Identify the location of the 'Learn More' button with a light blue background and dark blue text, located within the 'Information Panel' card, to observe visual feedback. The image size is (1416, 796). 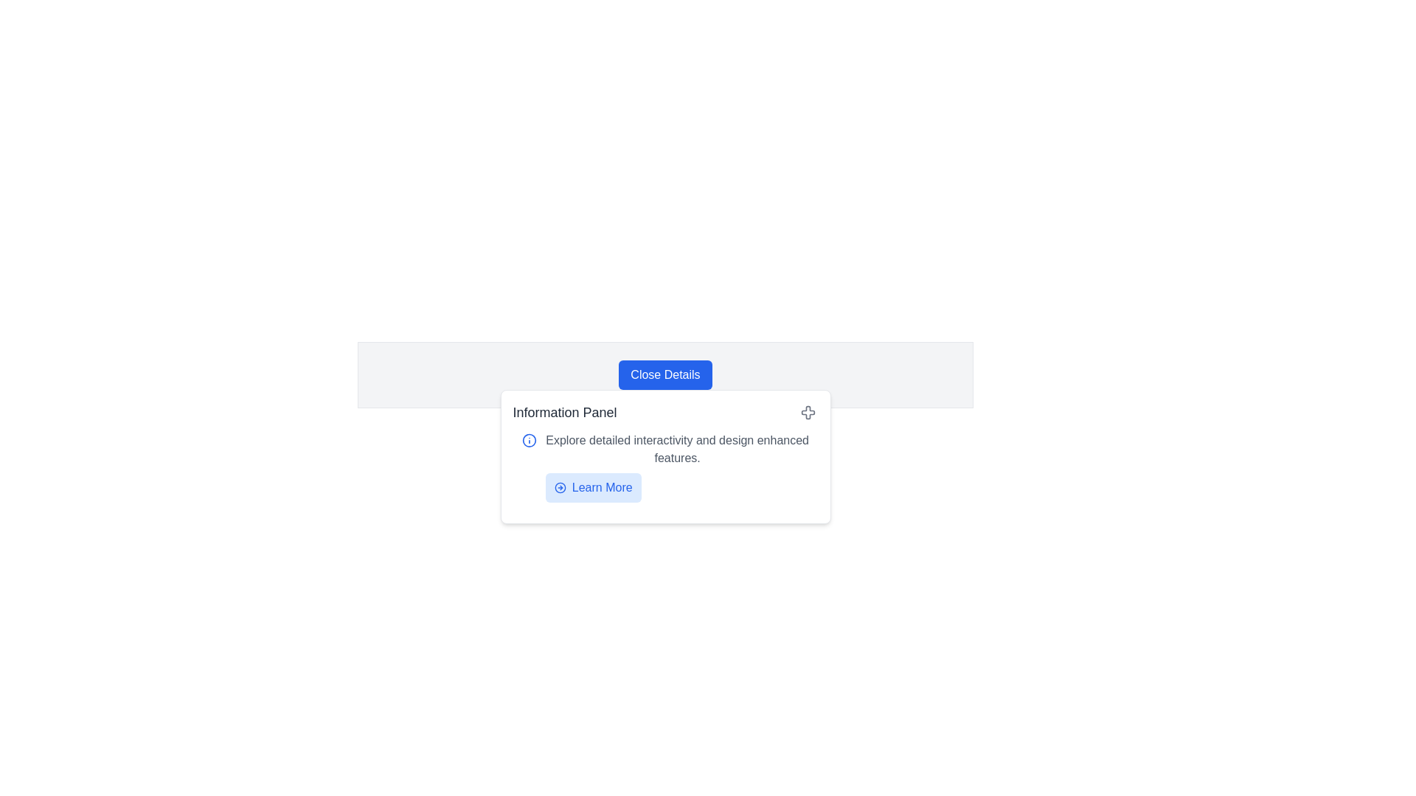
(593, 488).